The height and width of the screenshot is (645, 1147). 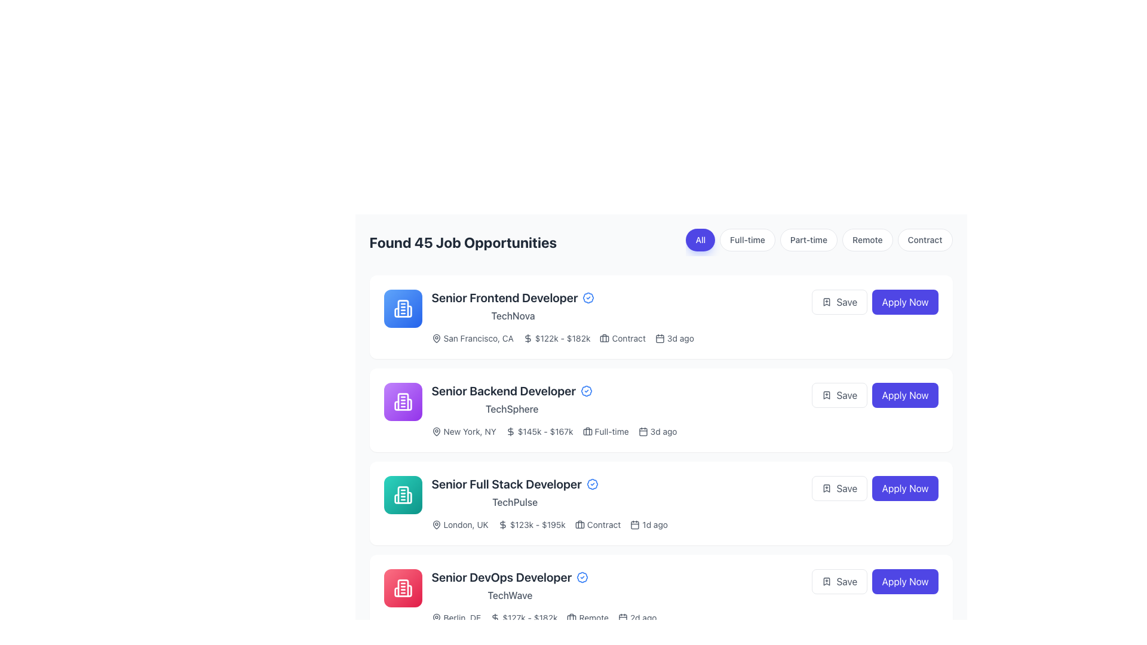 What do you see at coordinates (403, 308) in the screenshot?
I see `the icon representing the job category for 'Senior Frontend Developer', located at the top-left corner of the list entry next to the job title` at bounding box center [403, 308].